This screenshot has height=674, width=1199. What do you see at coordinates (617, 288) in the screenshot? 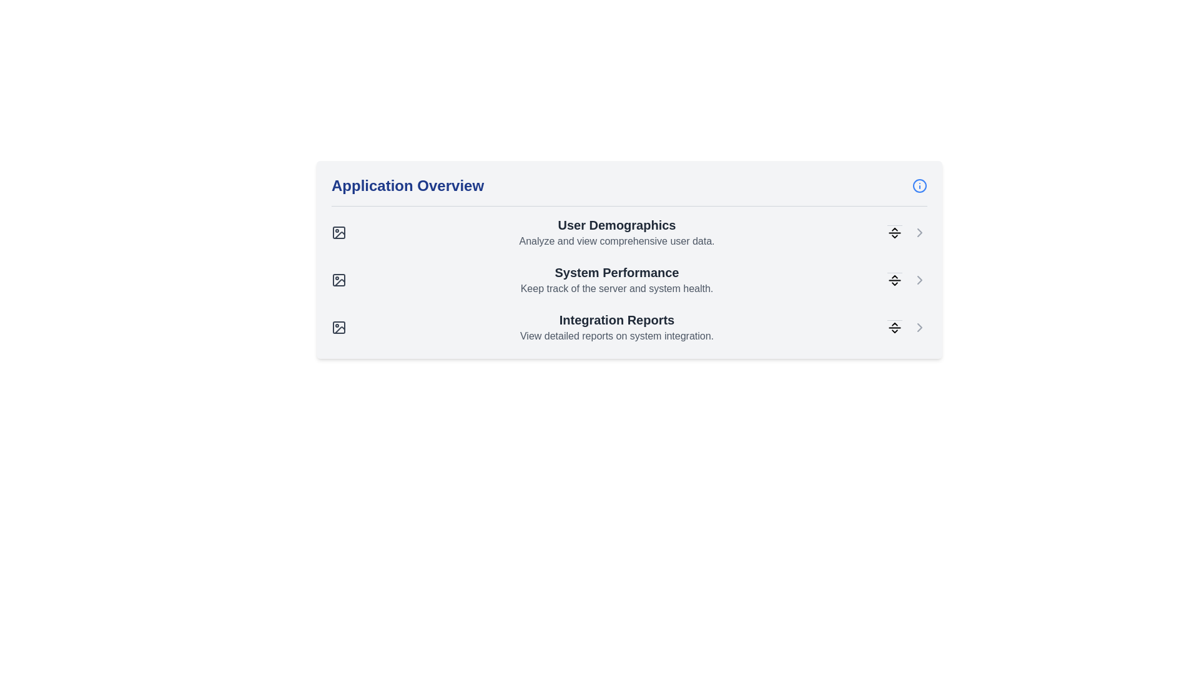
I see `the informative text label that provides context for the 'System Performance' section, located below the 'System Performance' title and aligned within the 'Application Overview' group` at bounding box center [617, 288].